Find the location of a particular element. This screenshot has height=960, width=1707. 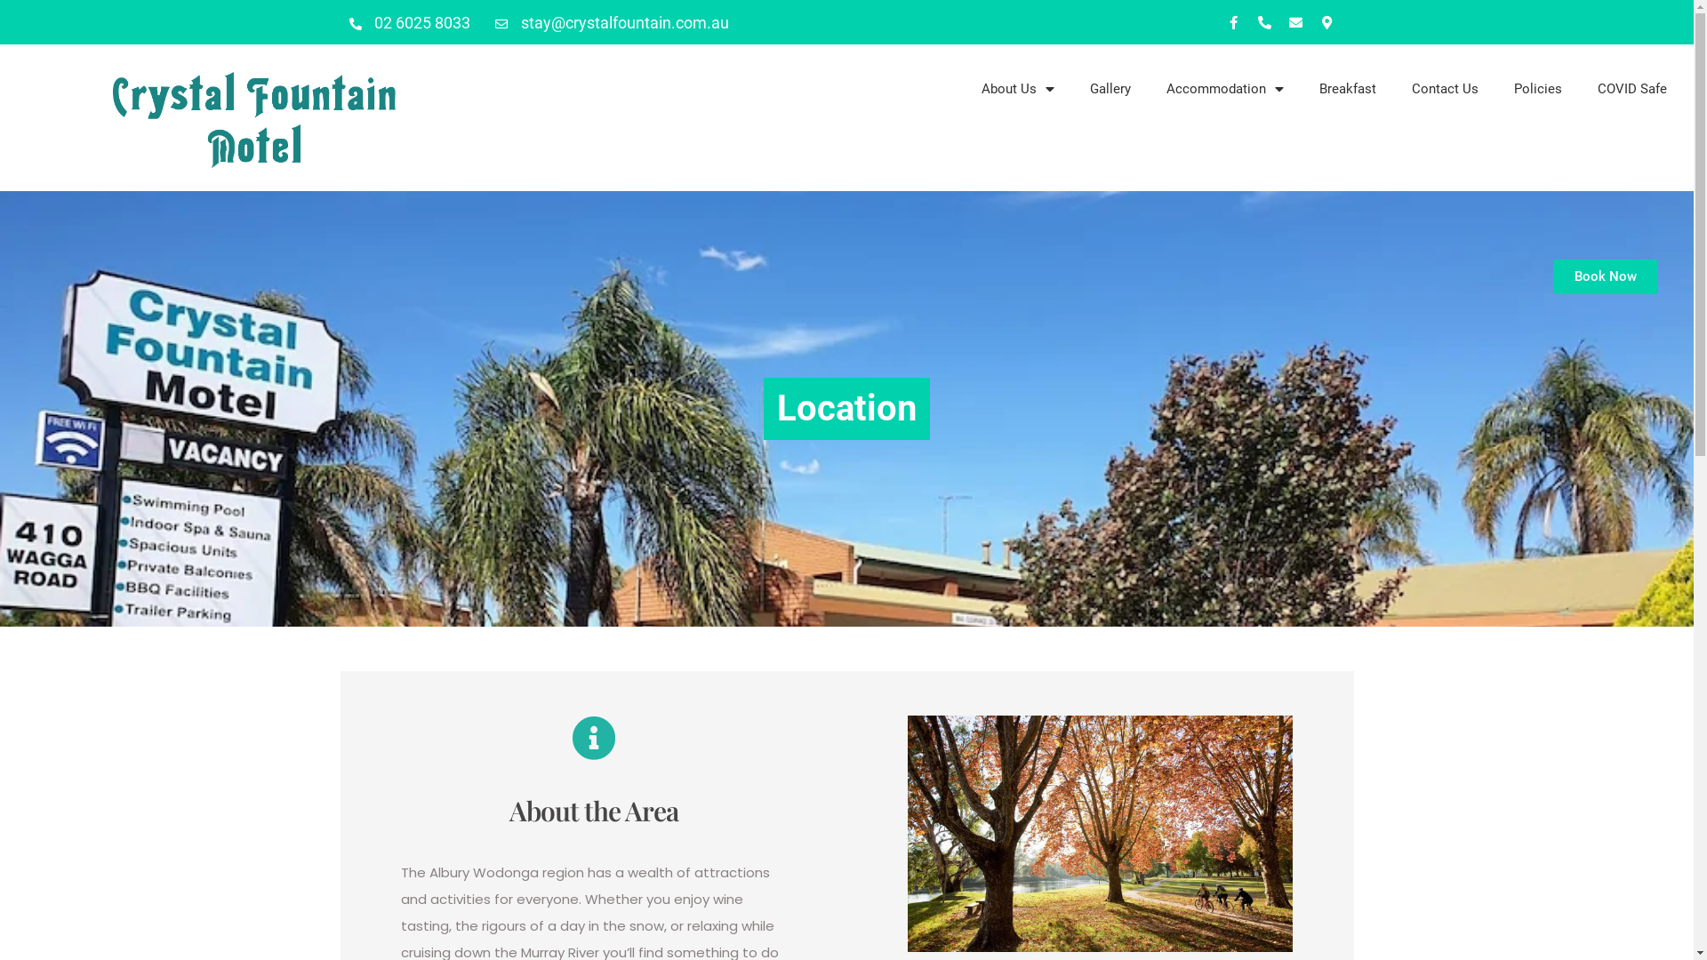

'Gallery' is located at coordinates (1109, 89).